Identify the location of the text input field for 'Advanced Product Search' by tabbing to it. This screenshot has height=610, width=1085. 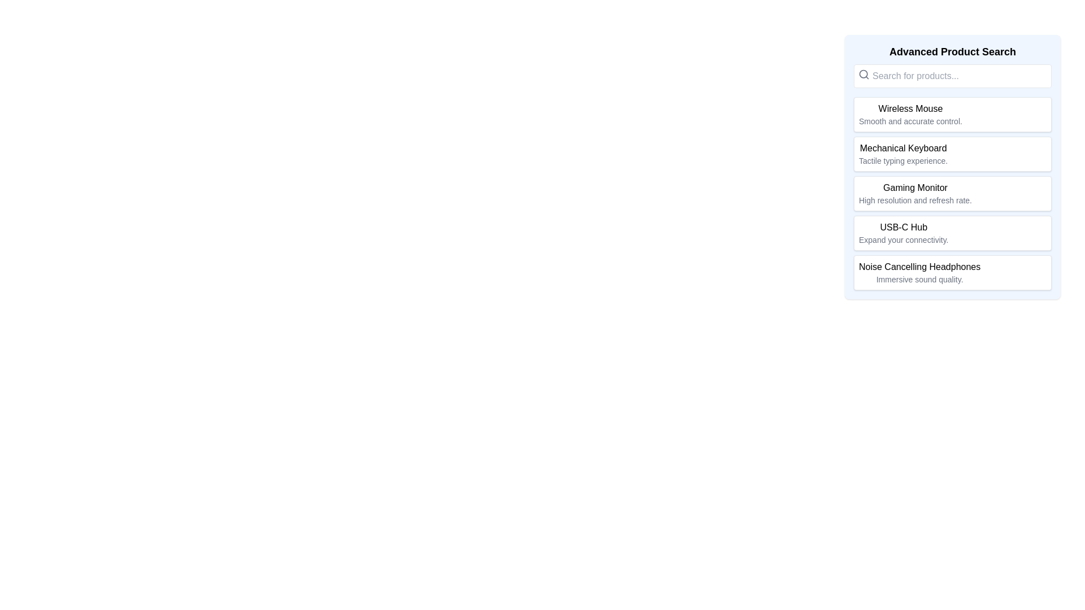
(952, 76).